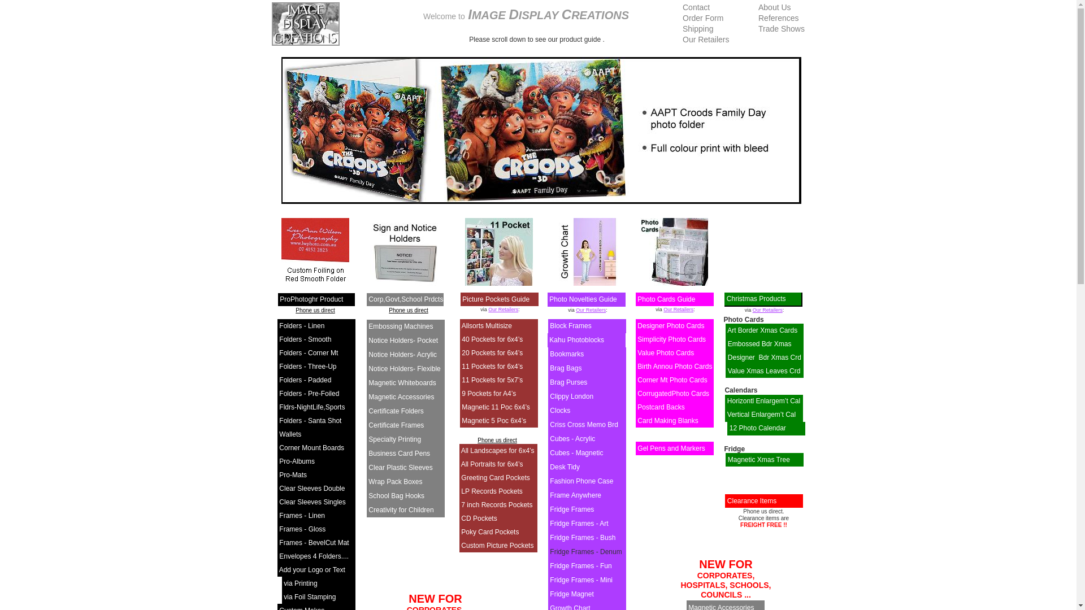 Image resolution: width=1085 pixels, height=610 pixels. I want to click on 'Value Photo Cards', so click(665, 352).